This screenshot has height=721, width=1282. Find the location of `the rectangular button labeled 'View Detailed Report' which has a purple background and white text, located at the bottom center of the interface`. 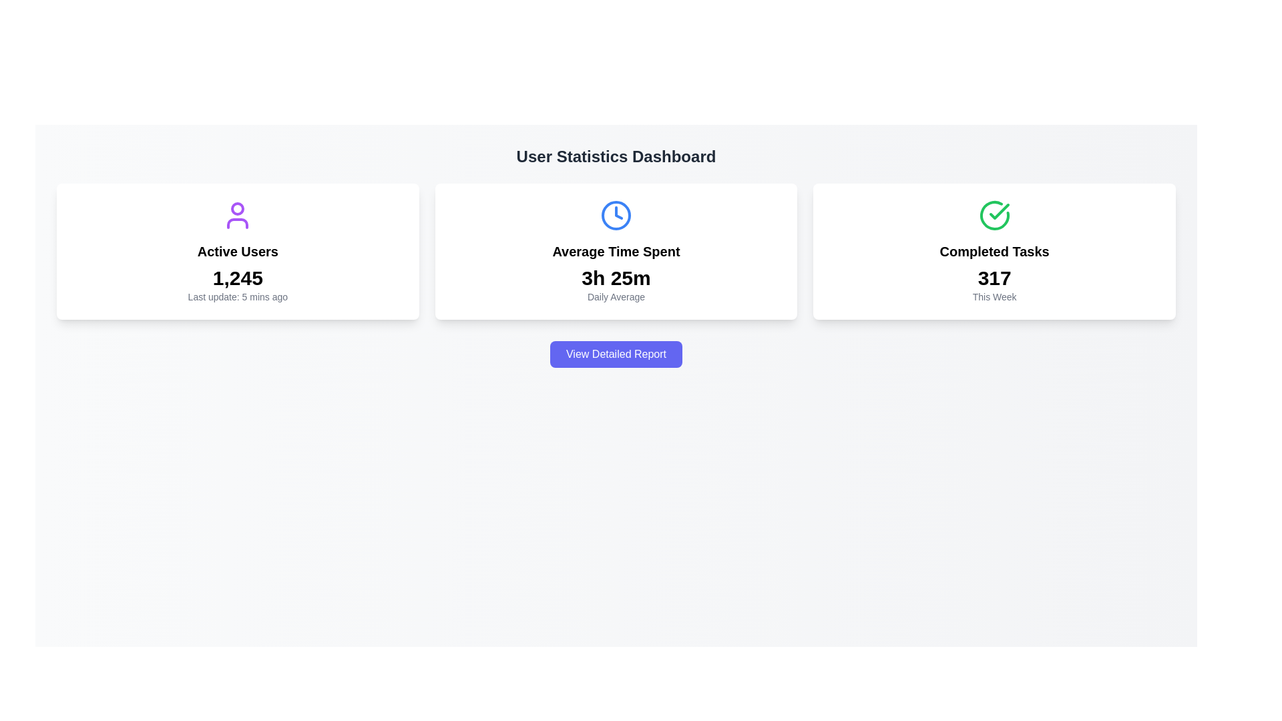

the rectangular button labeled 'View Detailed Report' which has a purple background and white text, located at the bottom center of the interface is located at coordinates (615, 354).